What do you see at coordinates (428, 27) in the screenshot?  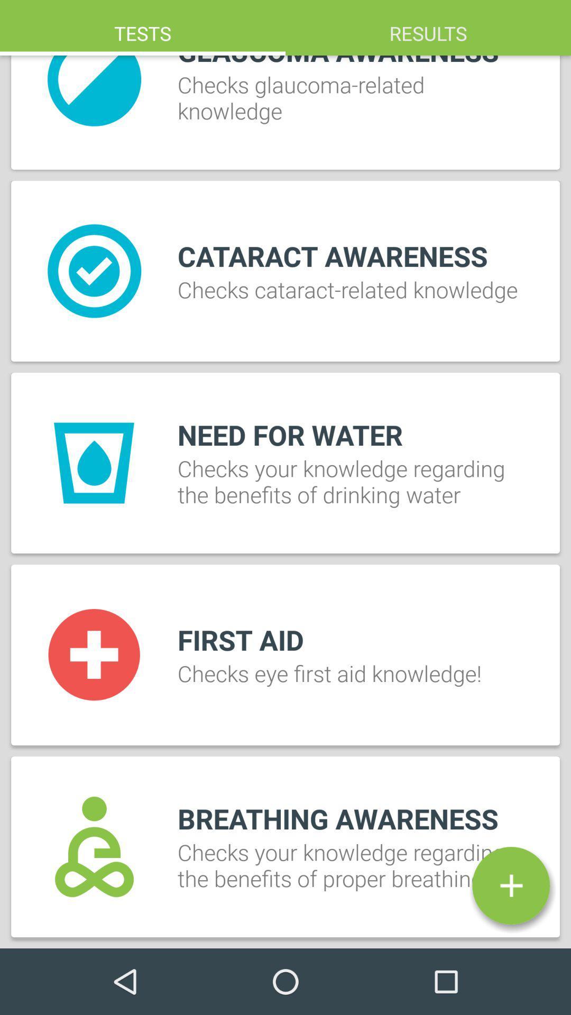 I see `item next to tests item` at bounding box center [428, 27].